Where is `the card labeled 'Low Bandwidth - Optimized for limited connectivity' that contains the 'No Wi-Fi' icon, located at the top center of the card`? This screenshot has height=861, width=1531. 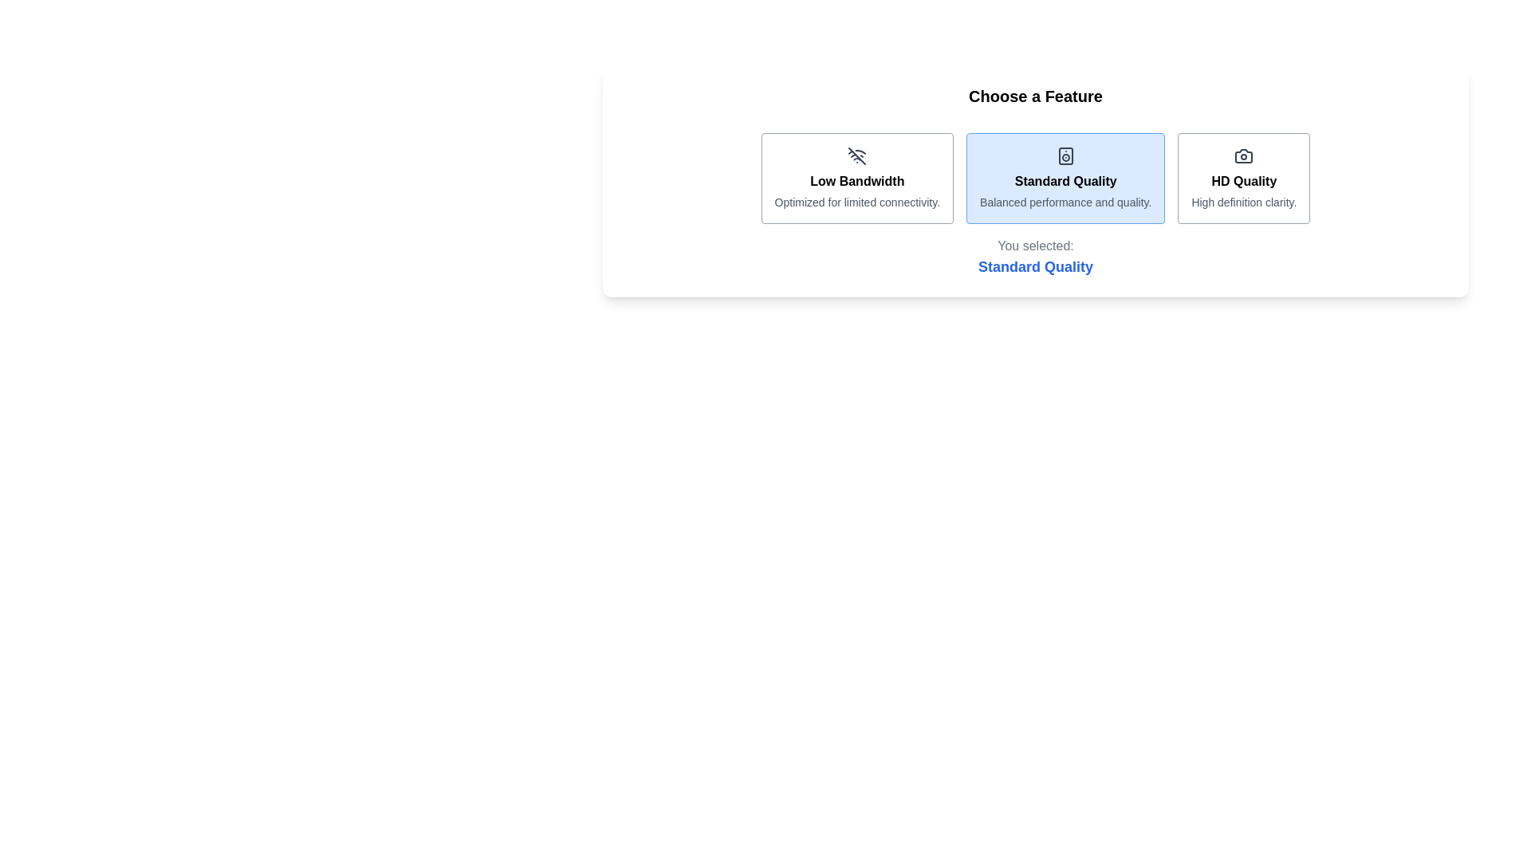 the card labeled 'Low Bandwidth - Optimized for limited connectivity' that contains the 'No Wi-Fi' icon, located at the top center of the card is located at coordinates (856, 156).